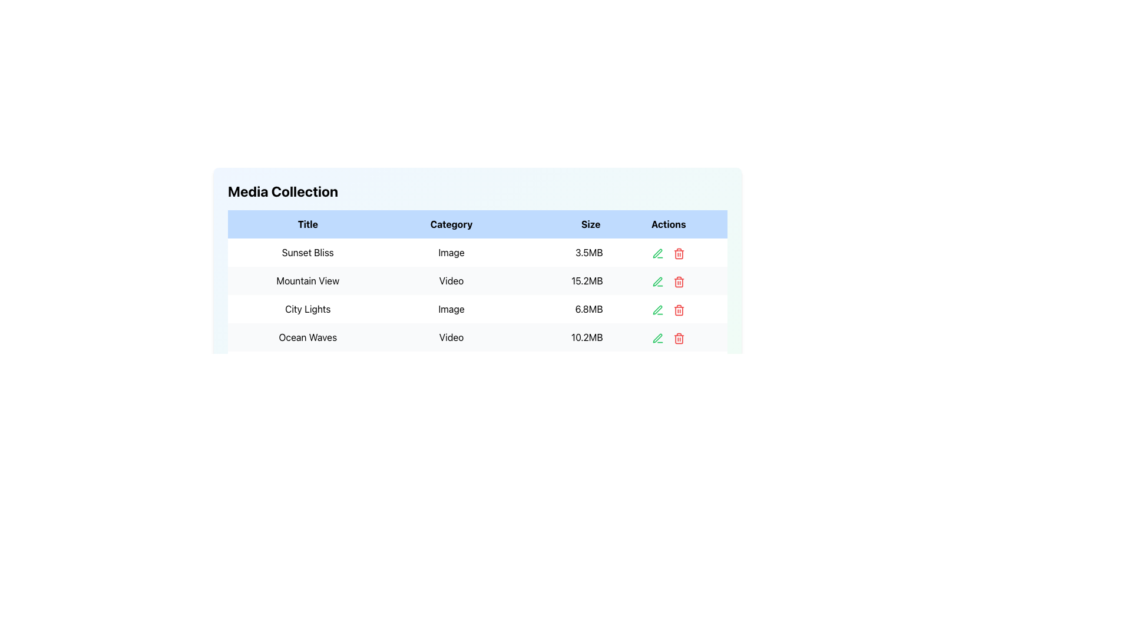 This screenshot has height=636, width=1131. What do you see at coordinates (307, 251) in the screenshot?
I see `the non-interactive text label located in the first row of the tabular data layout under the 'Title' column` at bounding box center [307, 251].